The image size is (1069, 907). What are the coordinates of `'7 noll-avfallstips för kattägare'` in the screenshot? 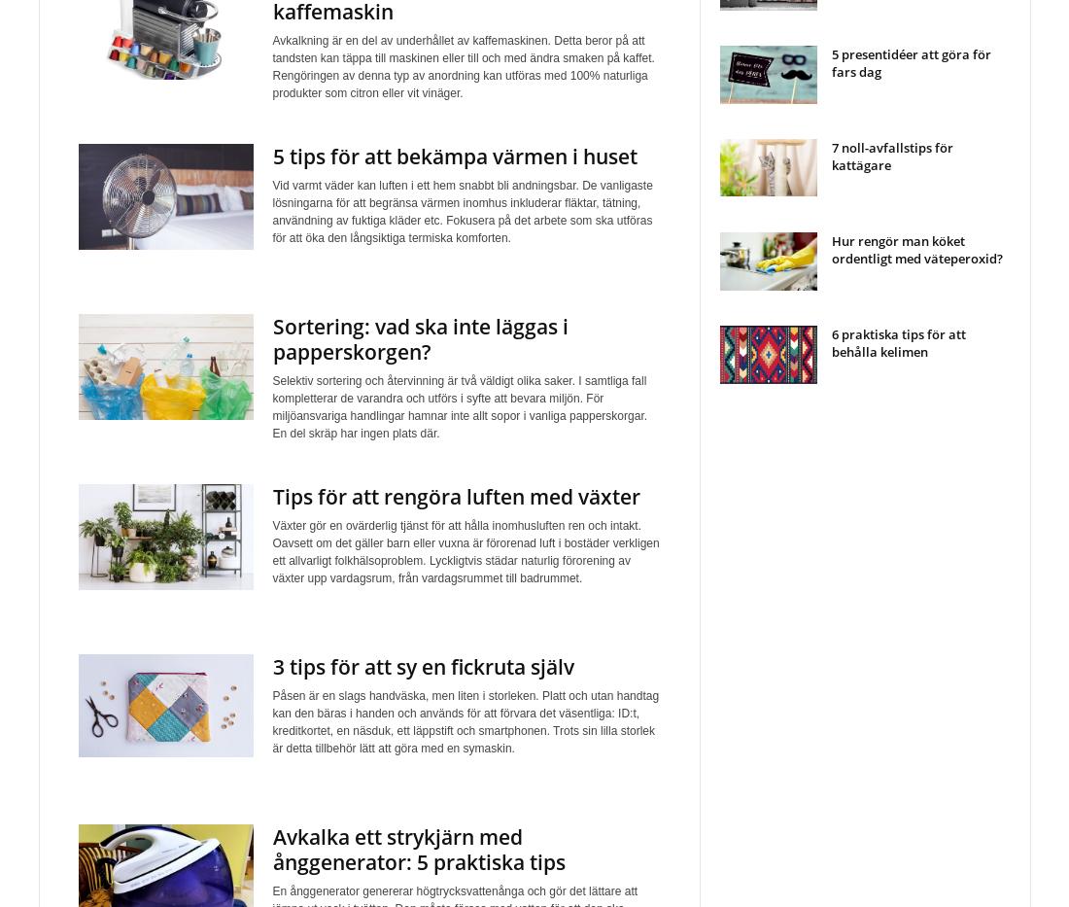 It's located at (891, 156).